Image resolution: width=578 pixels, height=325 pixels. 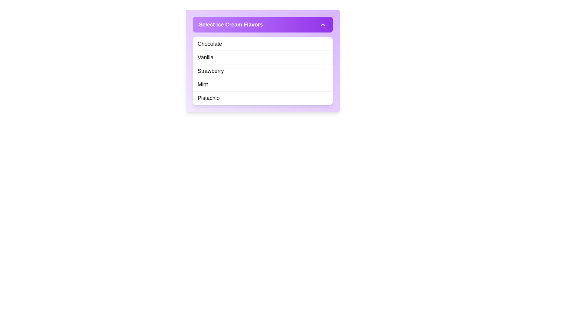 I want to click on the first selectable item in the dropdown menu titled 'Select Ice Cream Flavors', so click(x=263, y=44).